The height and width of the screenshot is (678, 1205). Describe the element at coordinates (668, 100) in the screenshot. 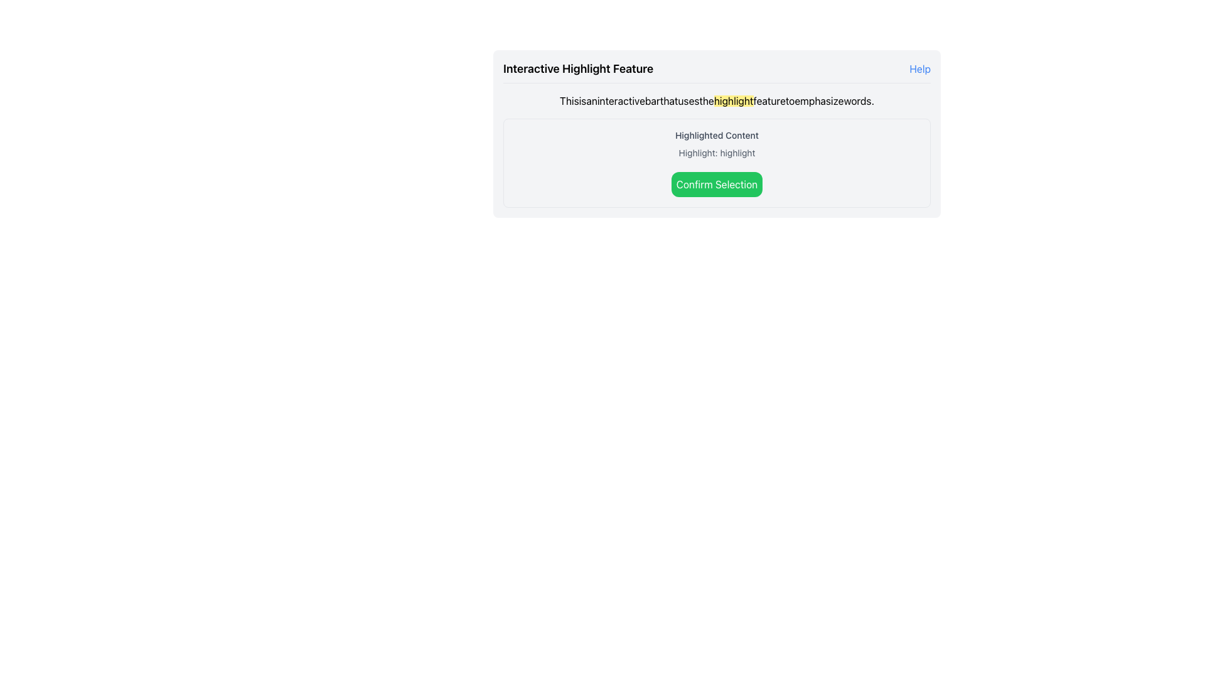

I see `the text element displaying the word 'that', which is the sixth word in the sentence 'This is an interactive bar that uses the highlight feature to emphasize words.'` at that location.